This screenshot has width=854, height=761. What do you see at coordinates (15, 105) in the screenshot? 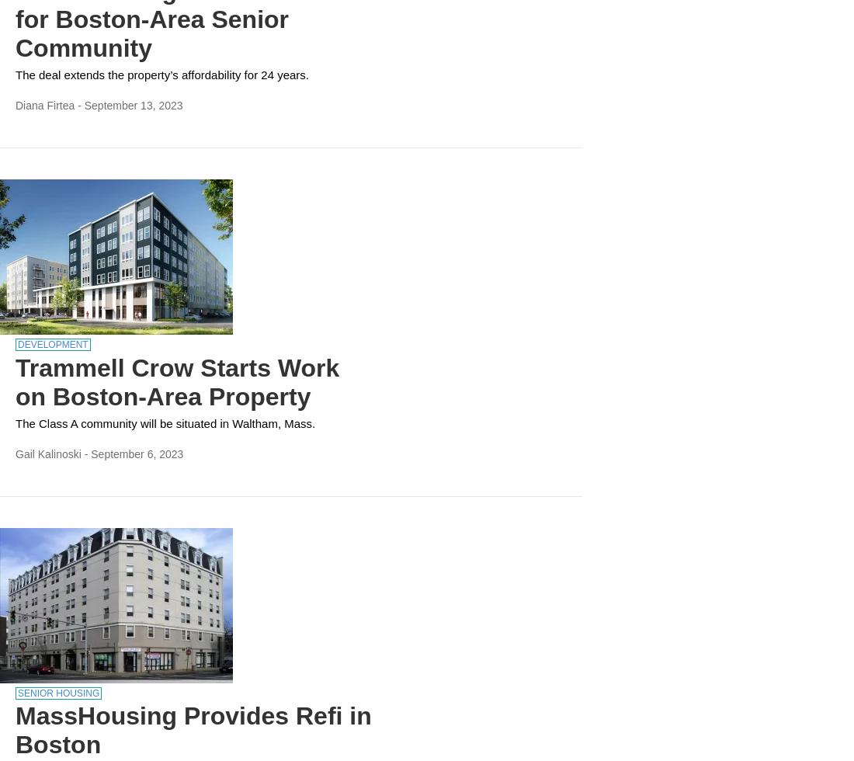
I see `'Diana Firtea'` at bounding box center [15, 105].